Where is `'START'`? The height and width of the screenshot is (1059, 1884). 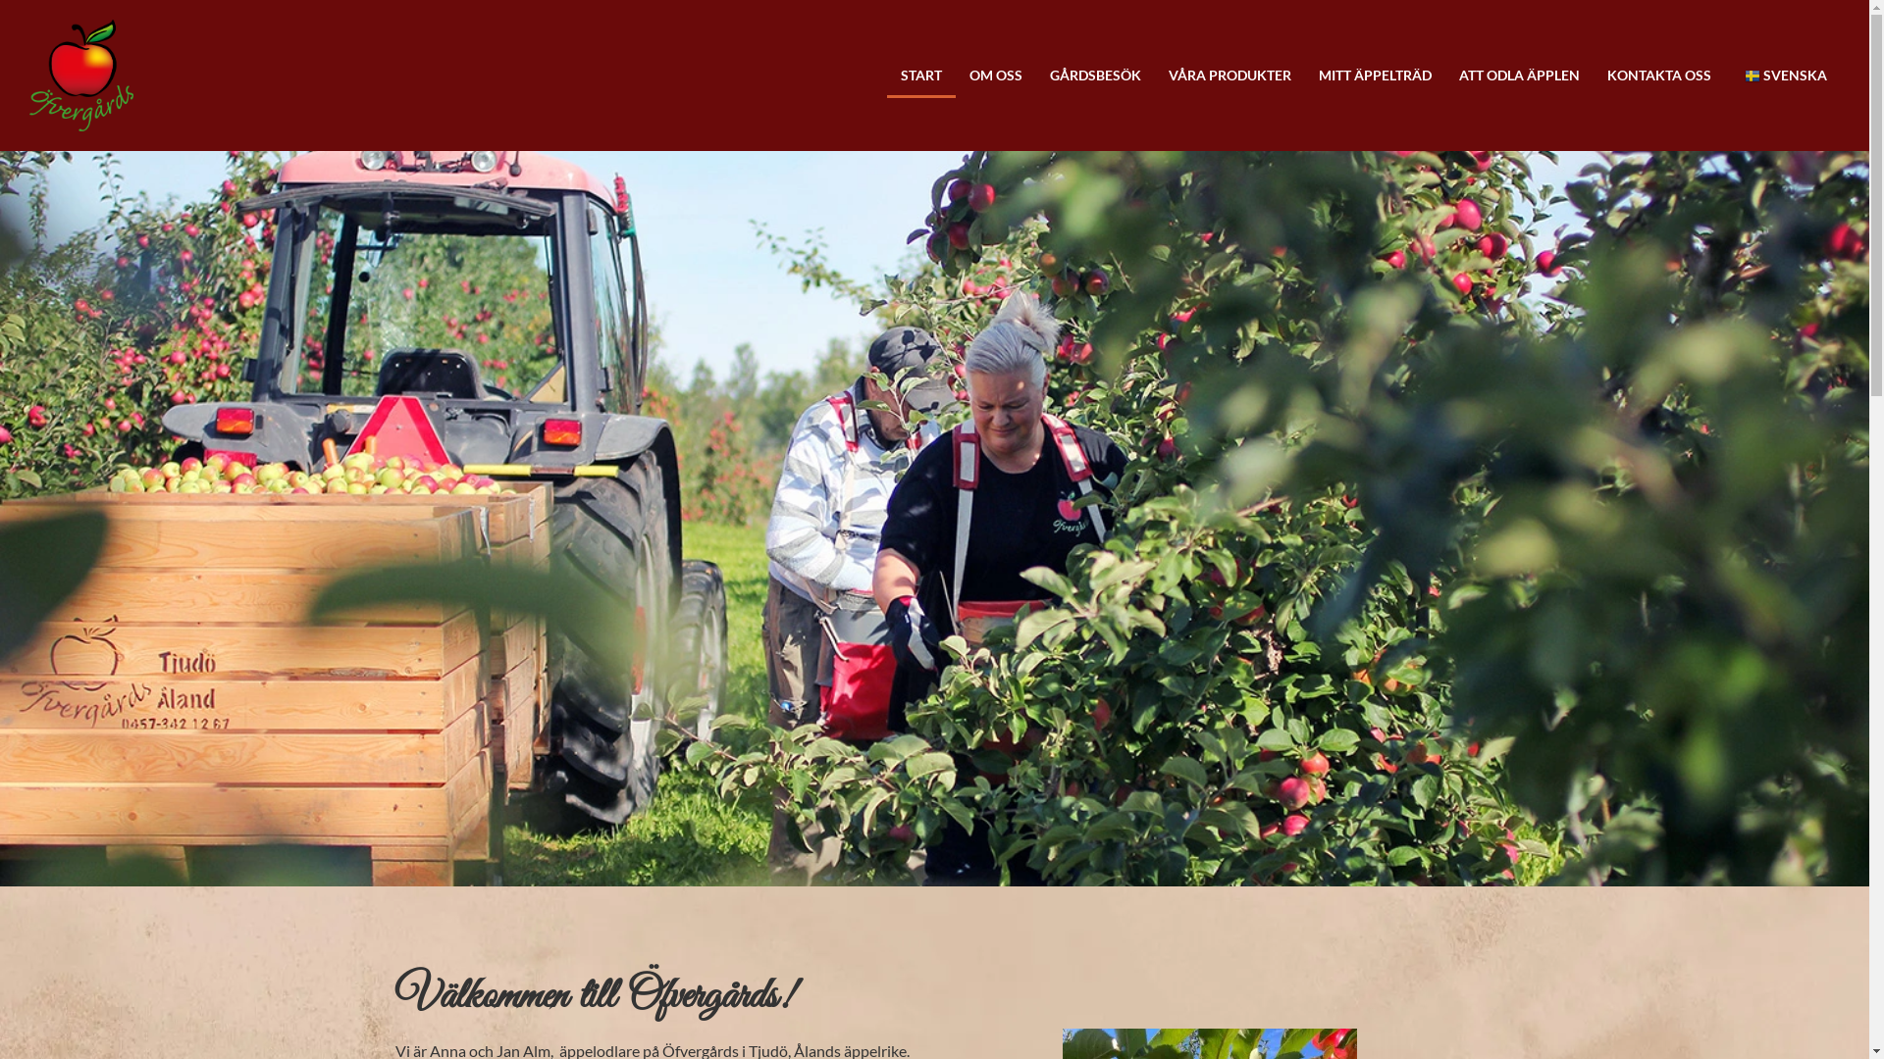 'START' is located at coordinates (920, 75).